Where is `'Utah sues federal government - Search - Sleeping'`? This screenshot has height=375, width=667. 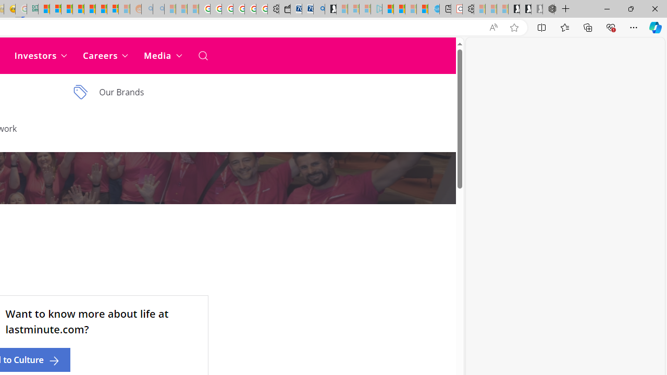 'Utah sues federal government - Search - Sleeping' is located at coordinates (158, 9).